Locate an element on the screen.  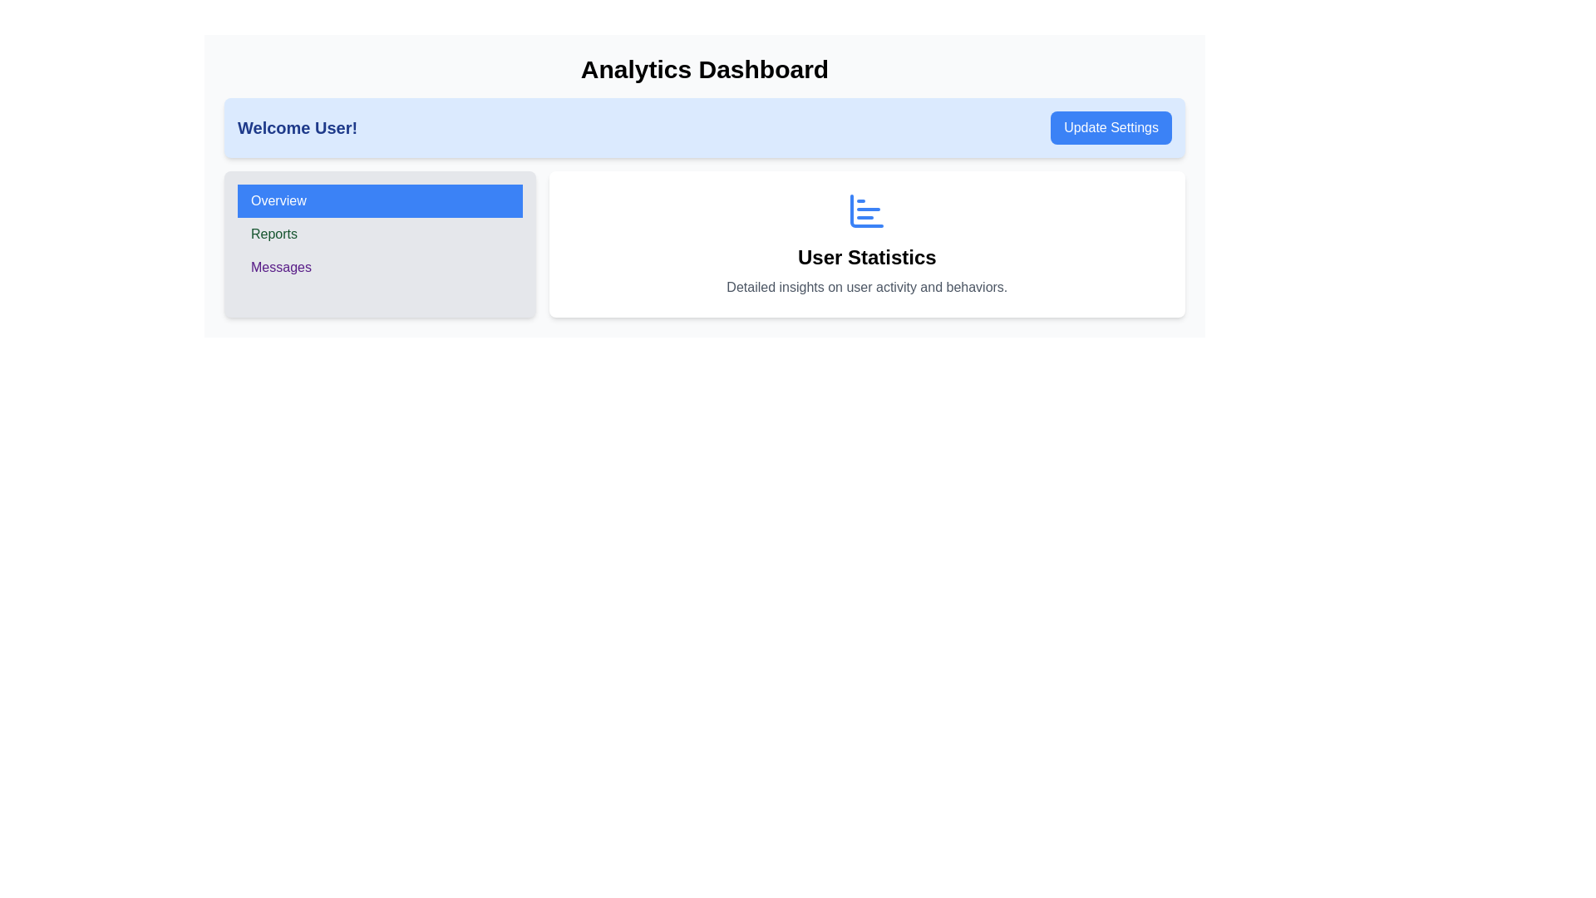
the settings update button located is located at coordinates (1111, 127).